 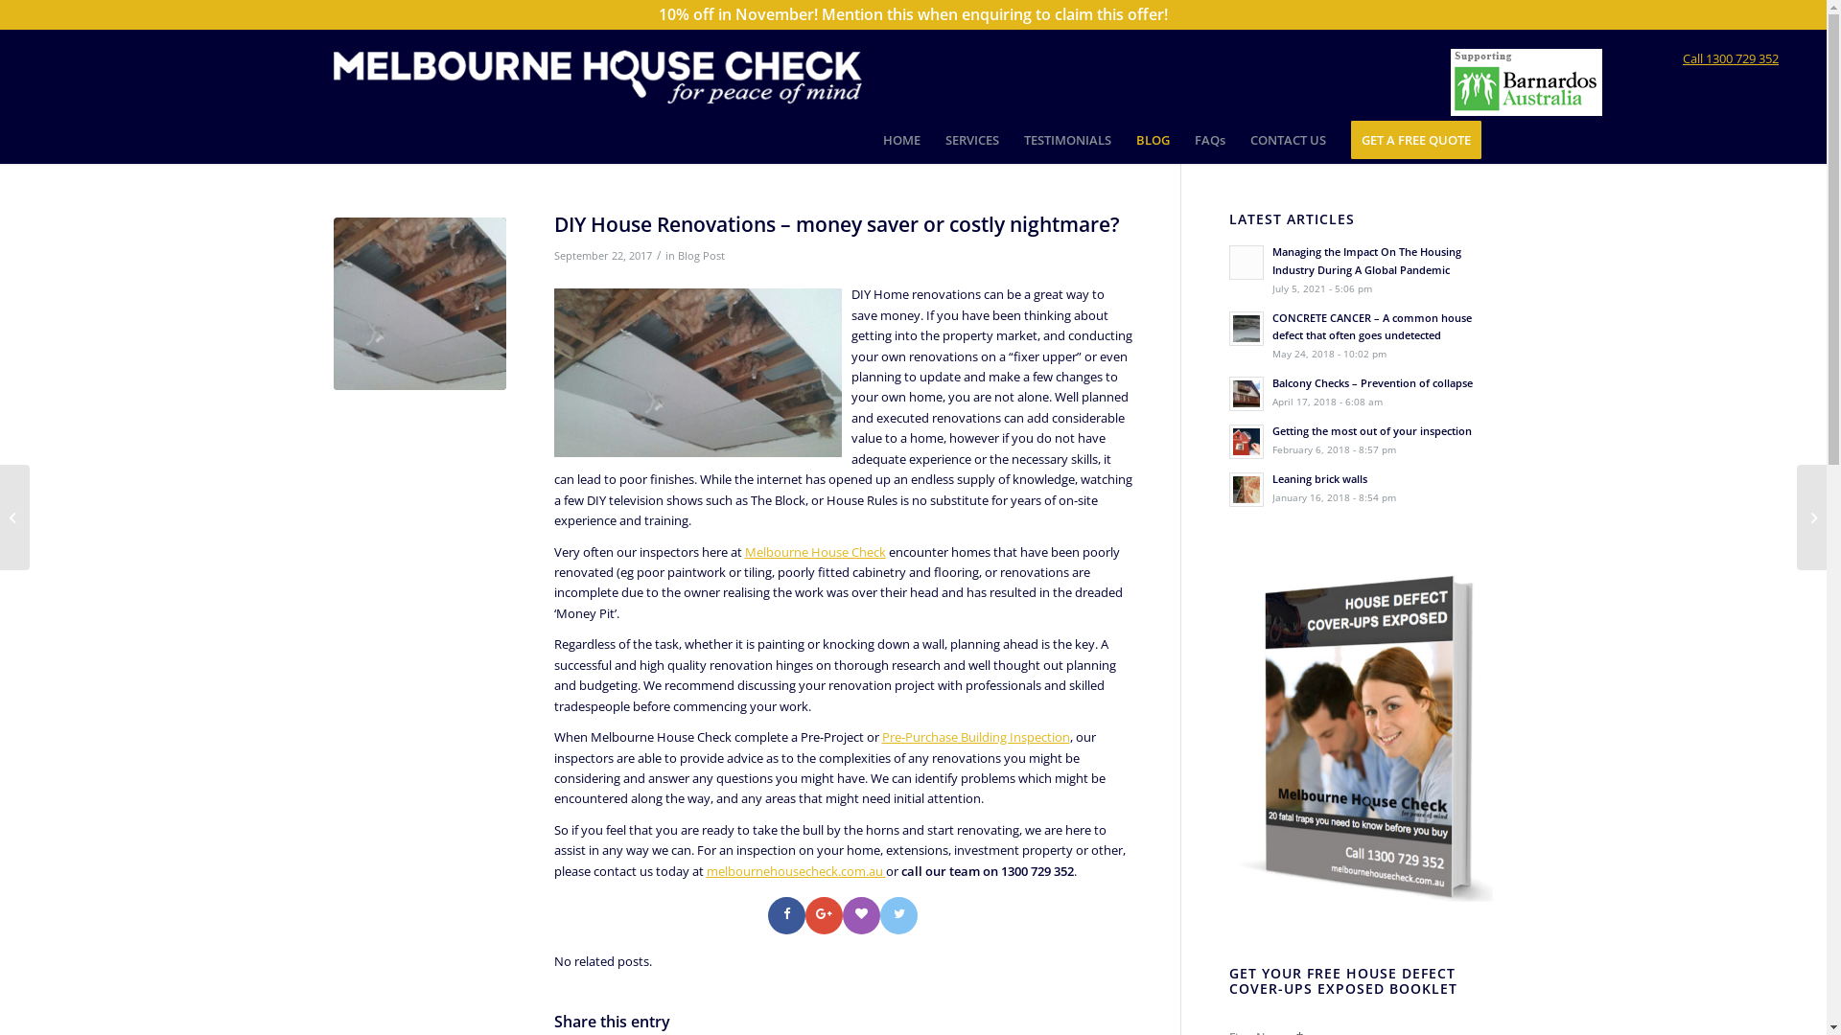 What do you see at coordinates (1123, 139) in the screenshot?
I see `'BLOG'` at bounding box center [1123, 139].